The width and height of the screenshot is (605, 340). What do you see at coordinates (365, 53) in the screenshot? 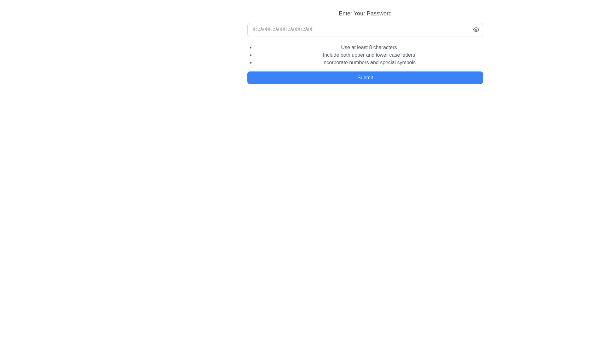
I see `instructions provided in the text block containing a list about creating a secure password, which is centrally located underneath the password input field and above the 'Submit' button` at bounding box center [365, 53].